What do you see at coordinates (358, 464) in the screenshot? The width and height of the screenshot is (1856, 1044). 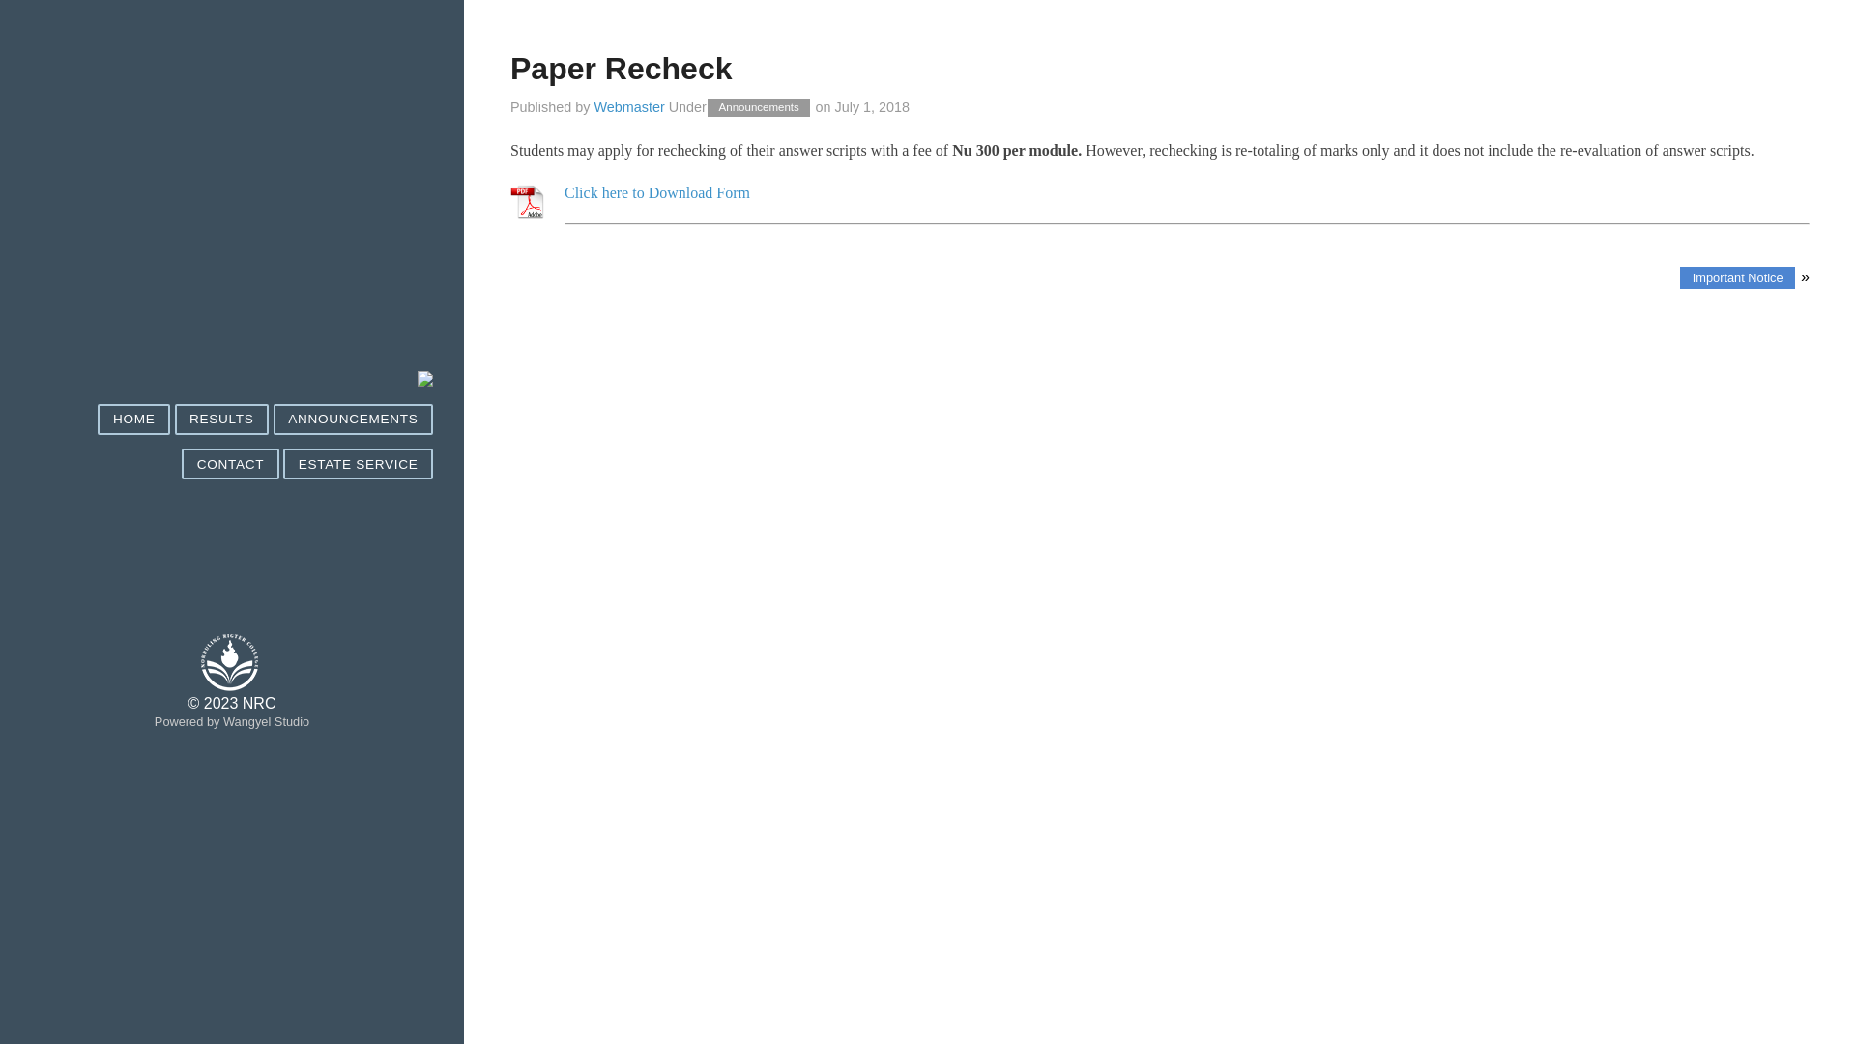 I see `'ESTATE SERVICE'` at bounding box center [358, 464].